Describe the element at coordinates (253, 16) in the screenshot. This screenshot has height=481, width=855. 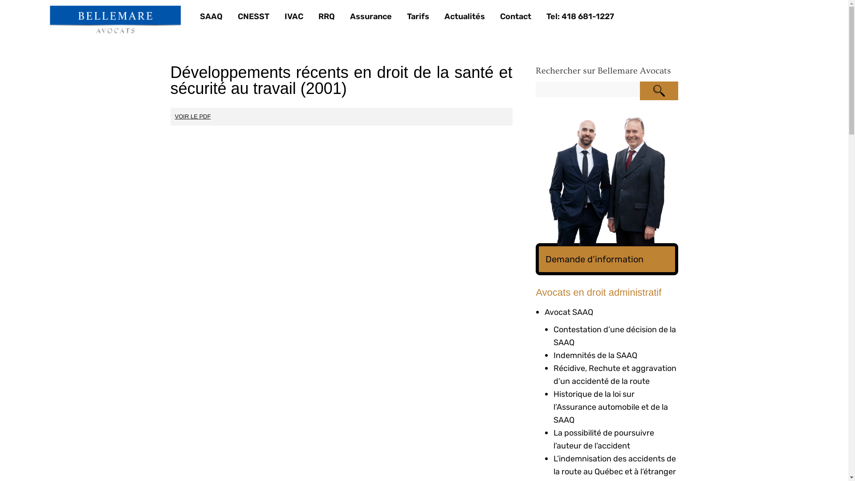
I see `'CNESST'` at that location.